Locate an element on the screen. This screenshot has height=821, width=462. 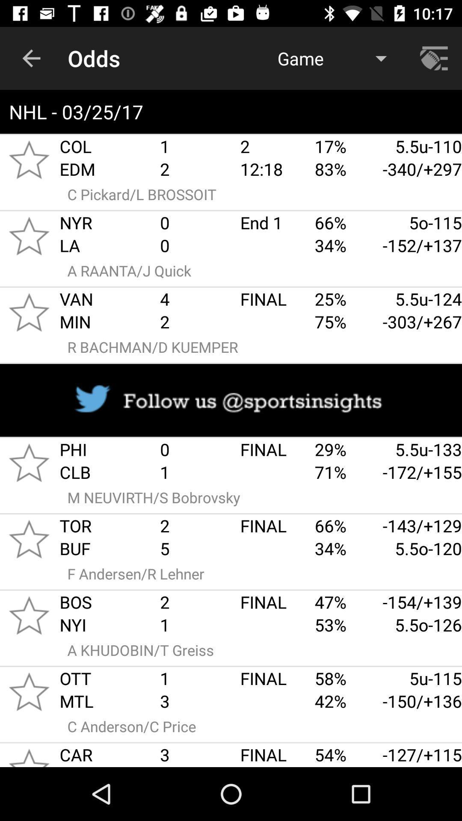
go starring is located at coordinates (29, 691).